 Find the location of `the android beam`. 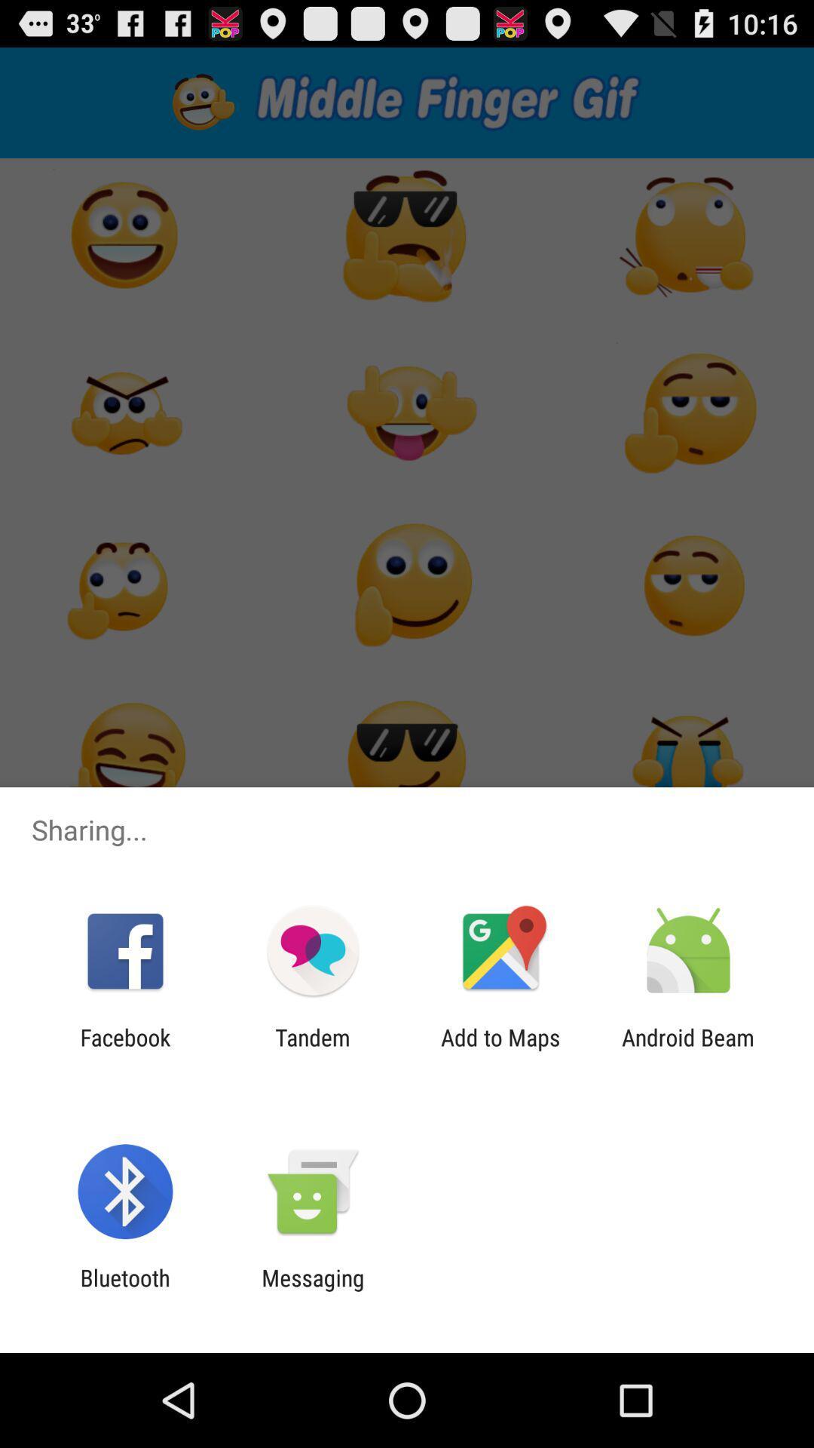

the android beam is located at coordinates (688, 1050).